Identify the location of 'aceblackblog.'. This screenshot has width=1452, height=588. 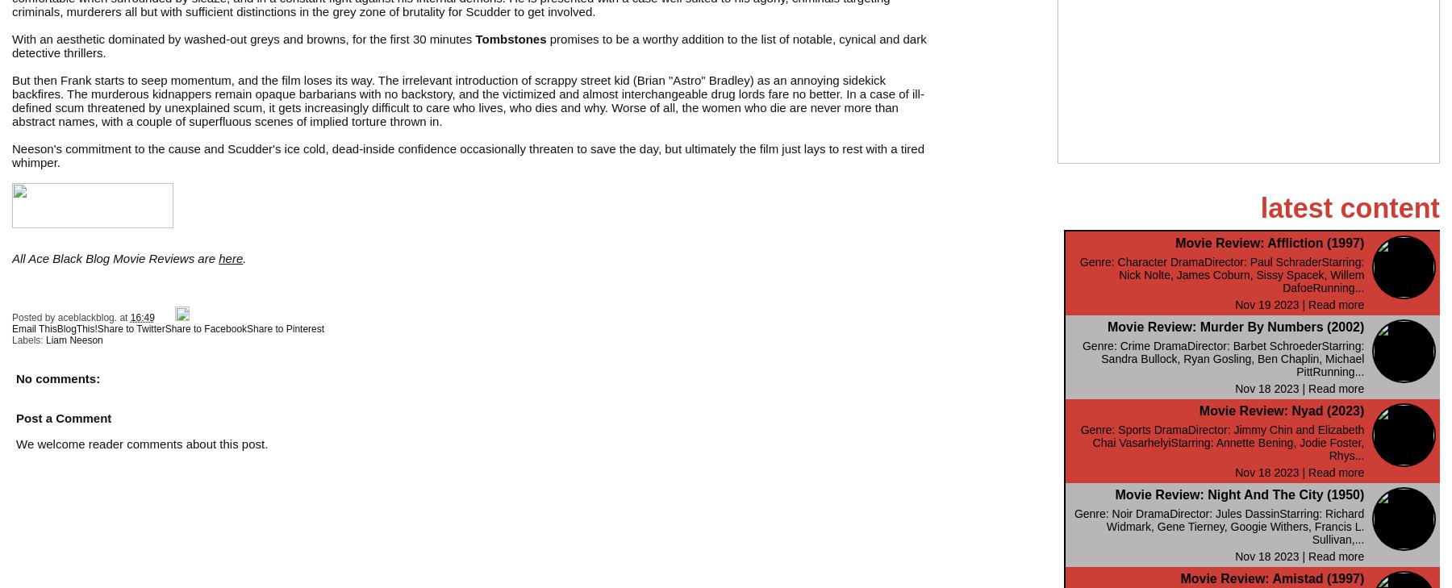
(86, 317).